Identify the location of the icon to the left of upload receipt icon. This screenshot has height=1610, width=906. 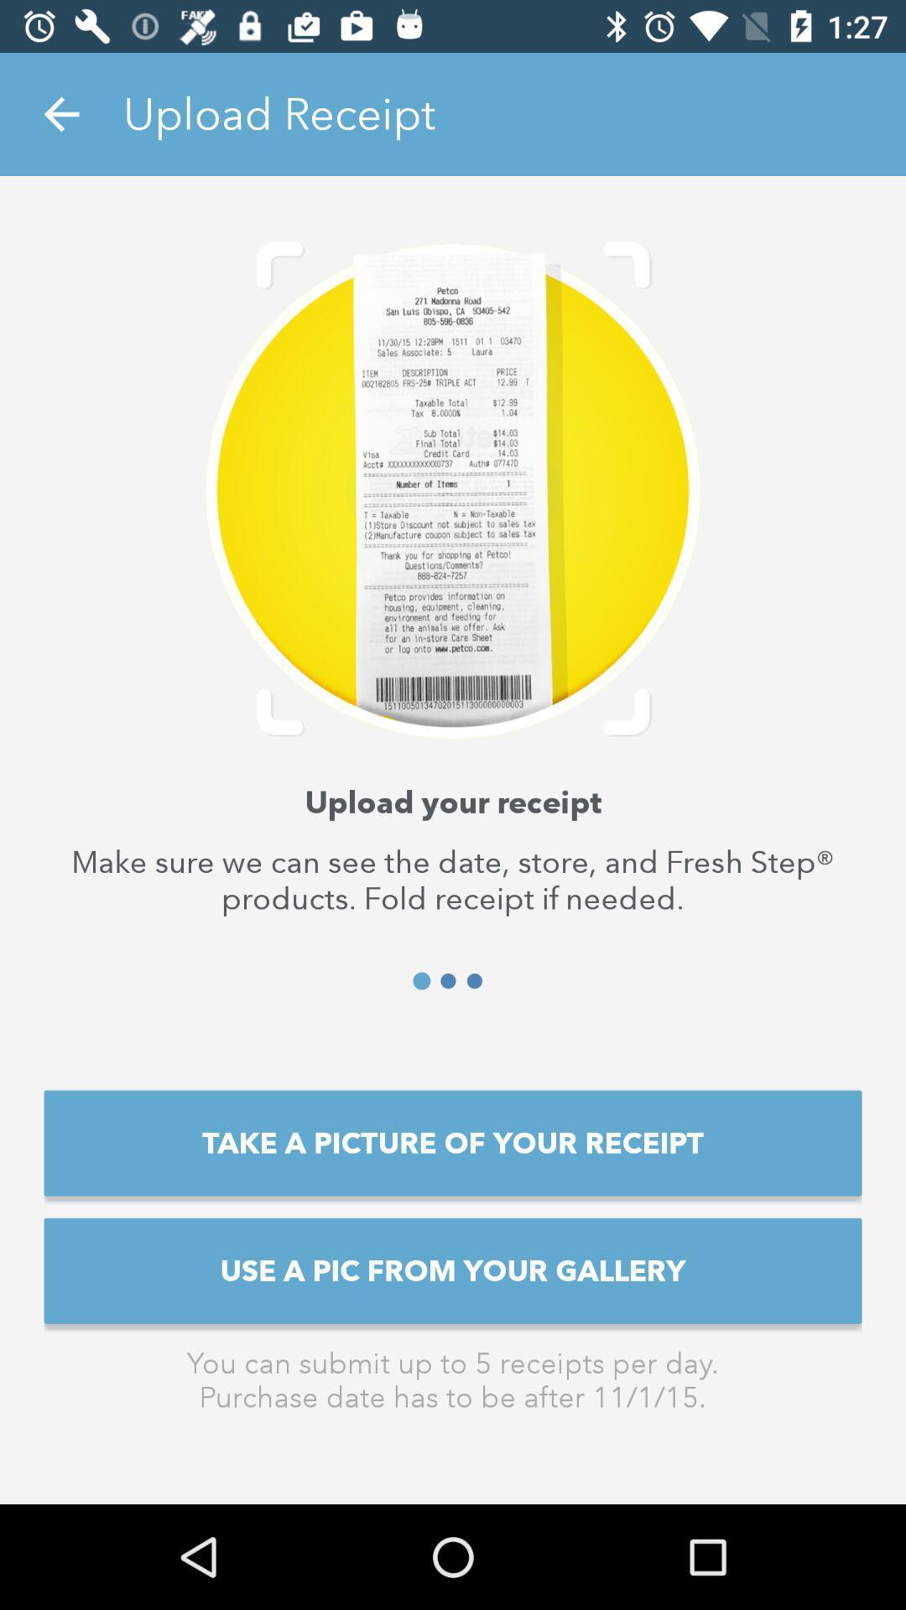
(60, 113).